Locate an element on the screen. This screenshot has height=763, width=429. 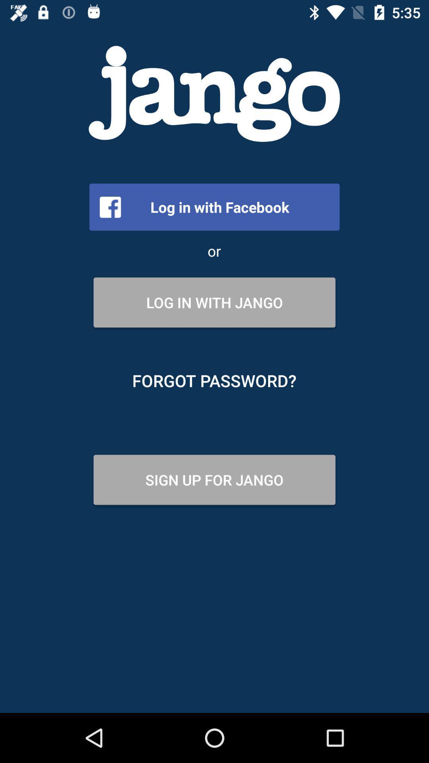
sign up for item is located at coordinates (214, 479).